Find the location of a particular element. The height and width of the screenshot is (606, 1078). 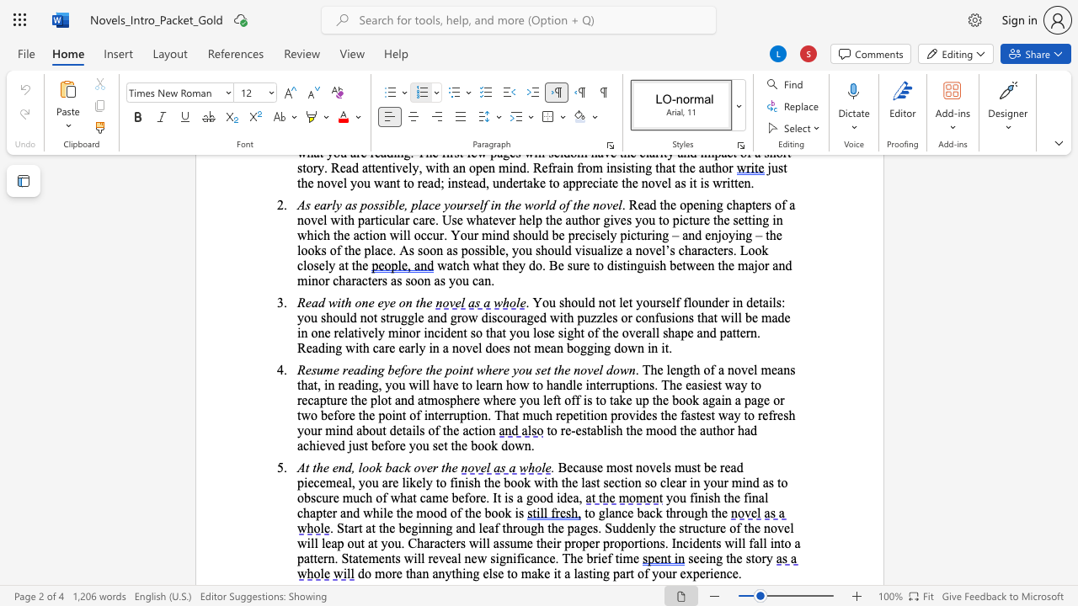

the 6th character "l" in the text is located at coordinates (667, 482).